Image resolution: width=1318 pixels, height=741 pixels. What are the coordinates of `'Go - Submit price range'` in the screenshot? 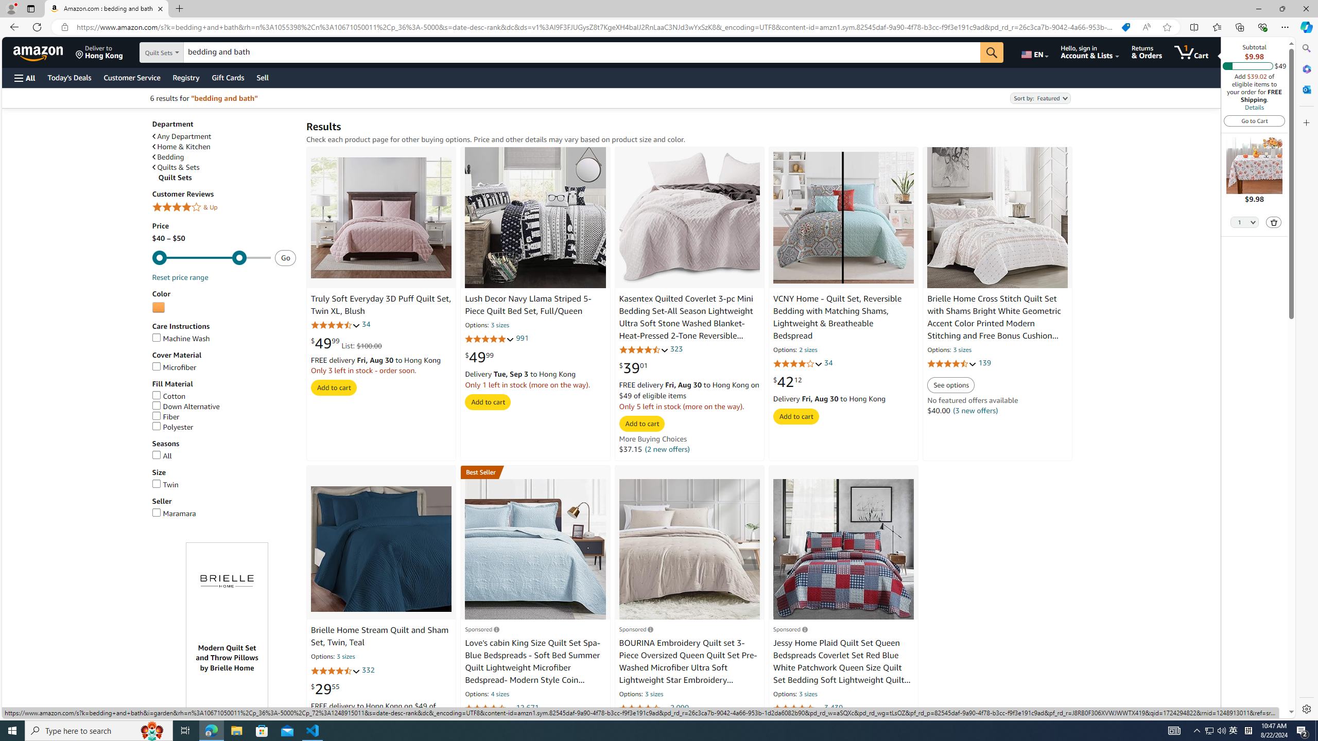 It's located at (285, 258).